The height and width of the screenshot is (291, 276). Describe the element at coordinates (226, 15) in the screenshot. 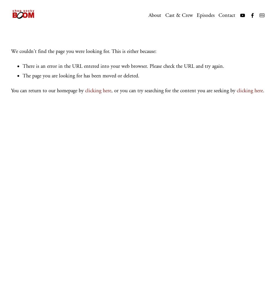

I see `'Contact'` at that location.